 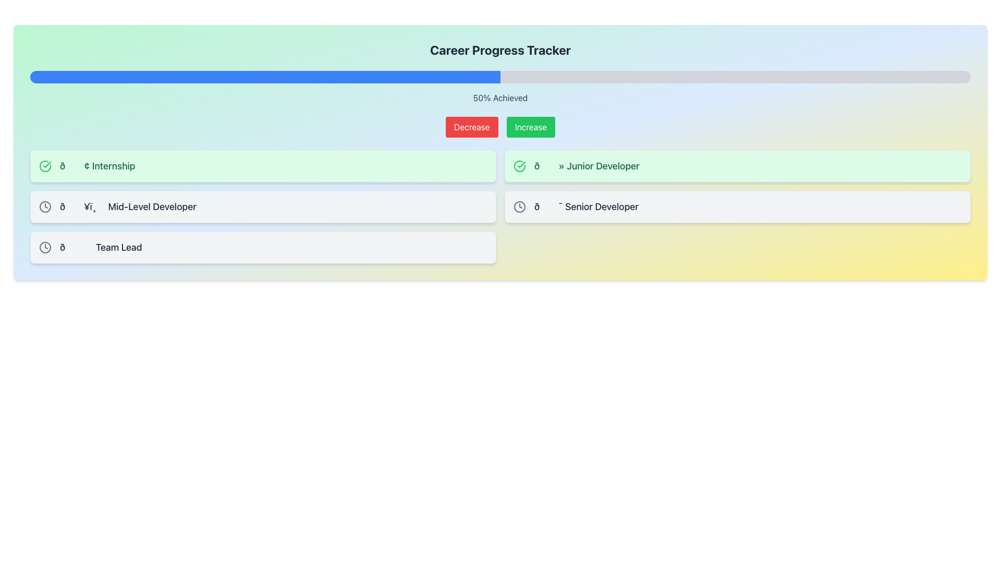 What do you see at coordinates (521, 164) in the screenshot?
I see `the green circular icon indicating completed status for the 'Internship' row` at bounding box center [521, 164].